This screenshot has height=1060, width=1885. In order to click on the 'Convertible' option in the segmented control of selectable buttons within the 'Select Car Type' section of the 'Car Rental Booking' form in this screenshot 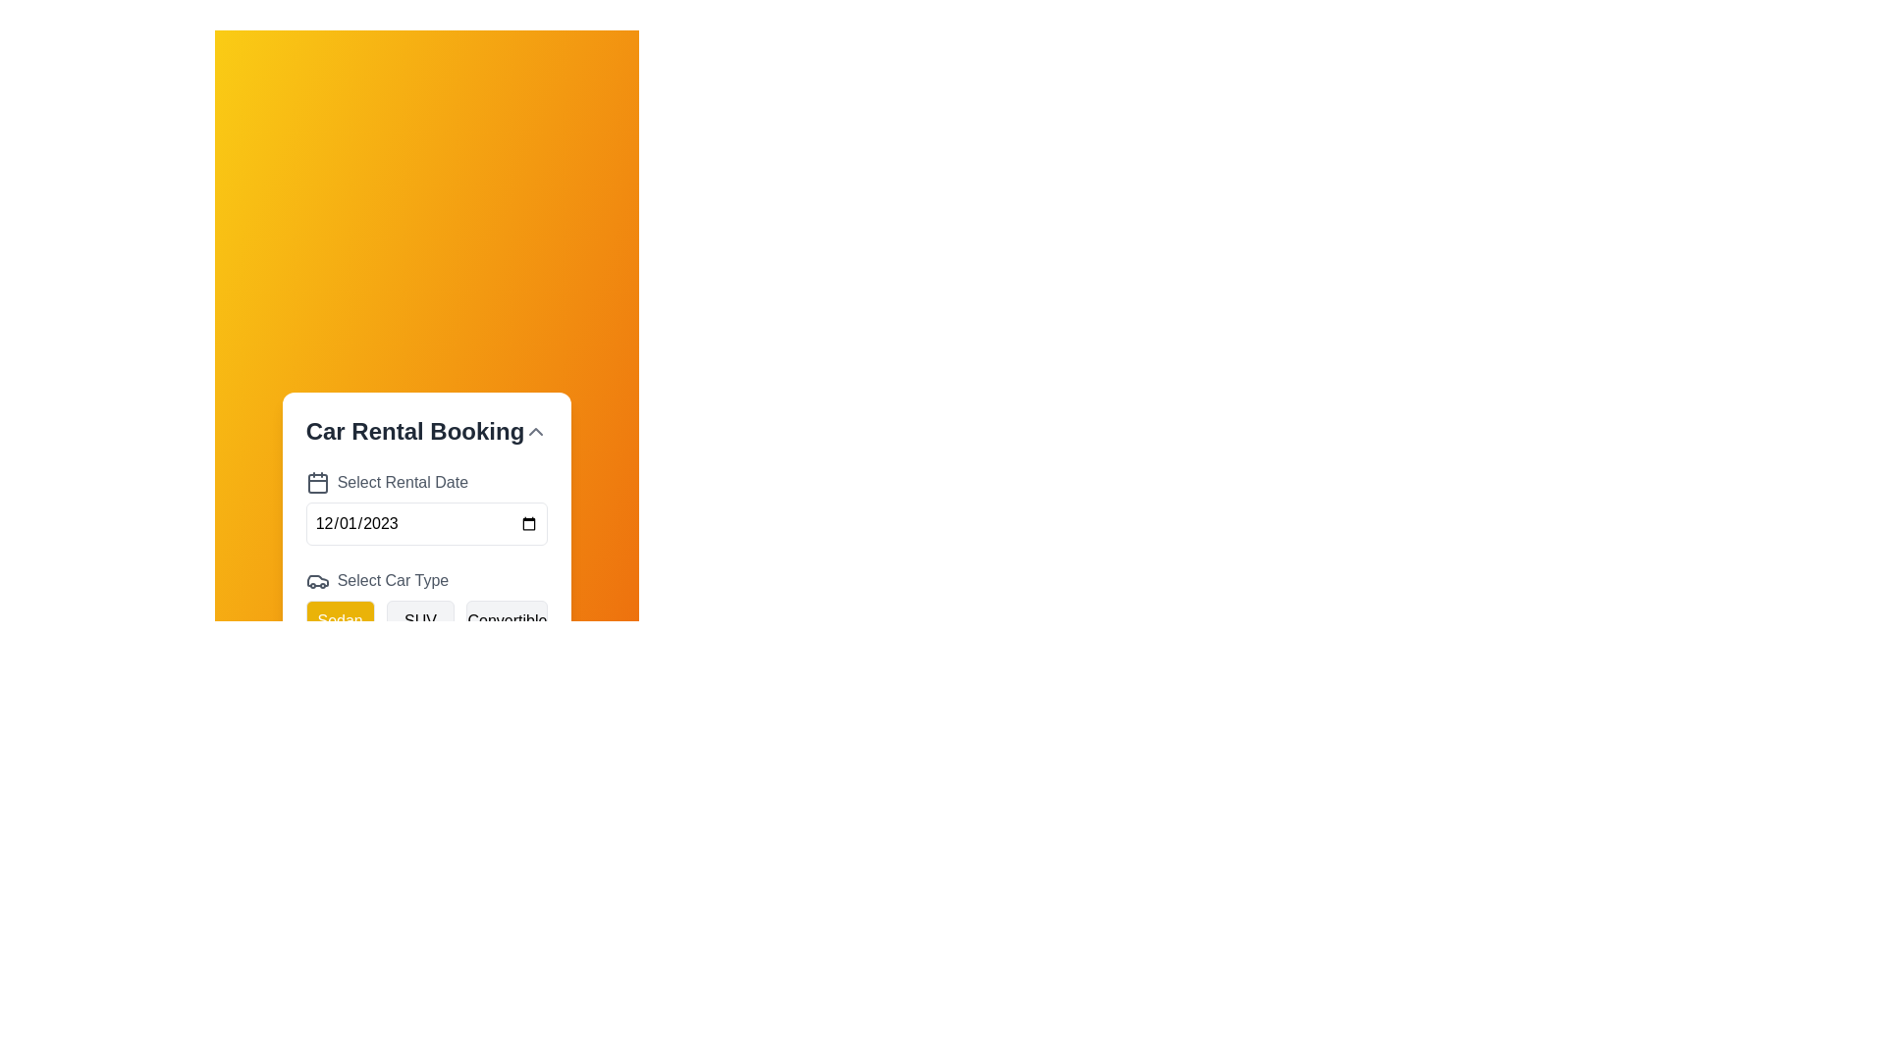, I will do `click(426, 620)`.